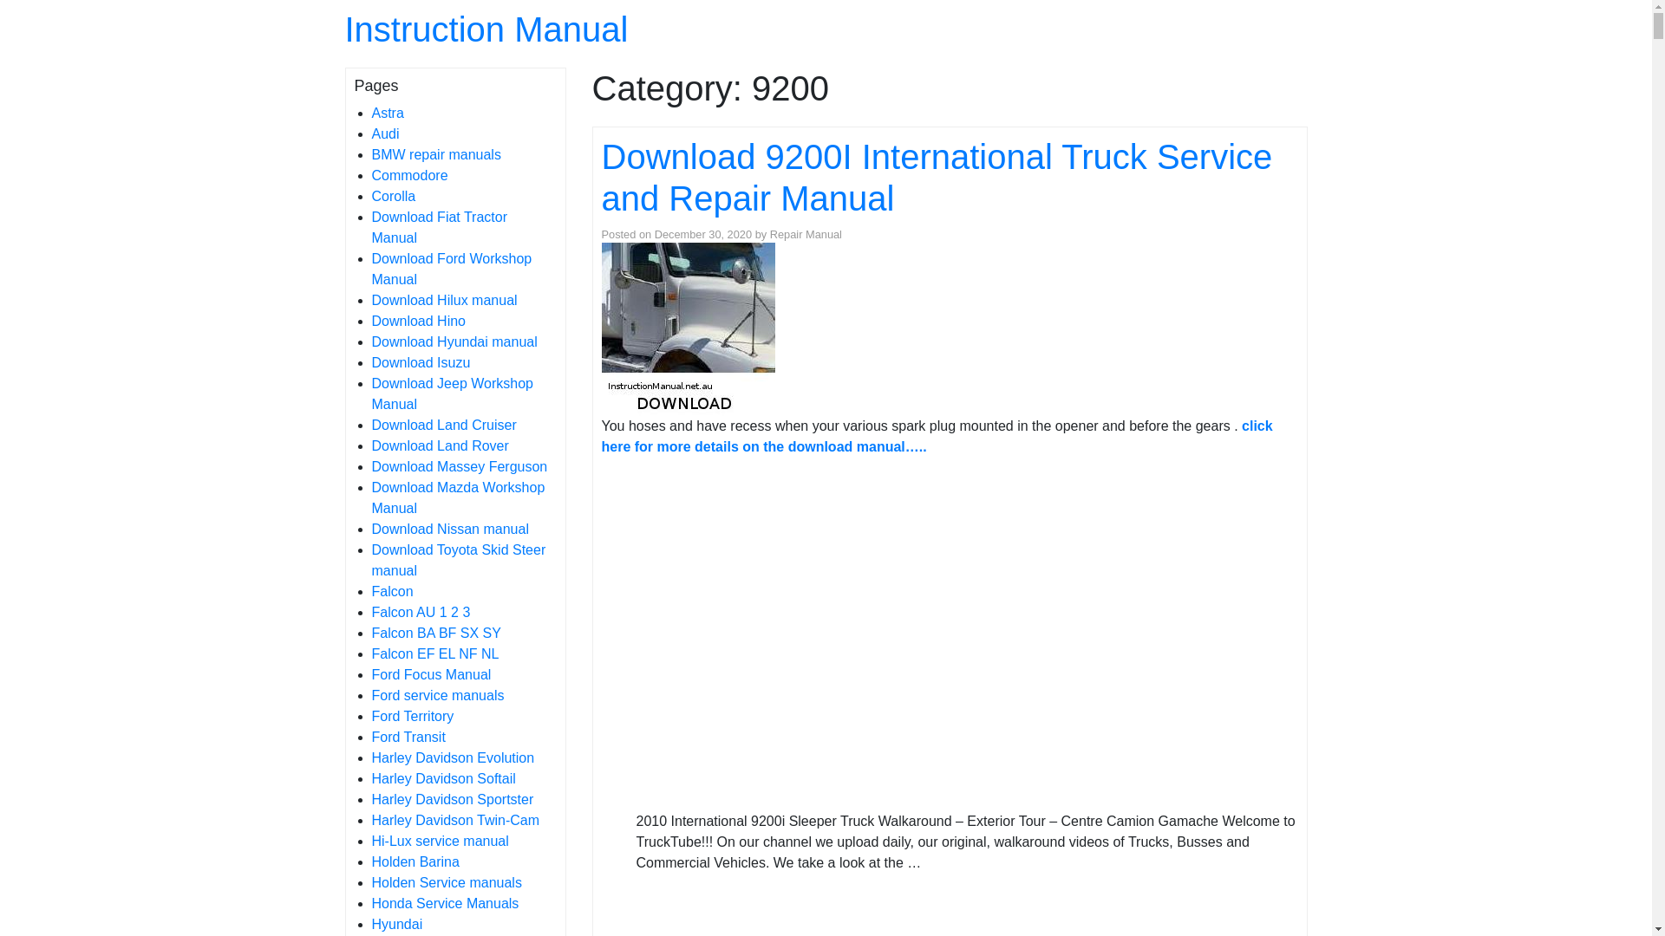 Image resolution: width=1665 pixels, height=936 pixels. I want to click on 'Audi', so click(384, 133).